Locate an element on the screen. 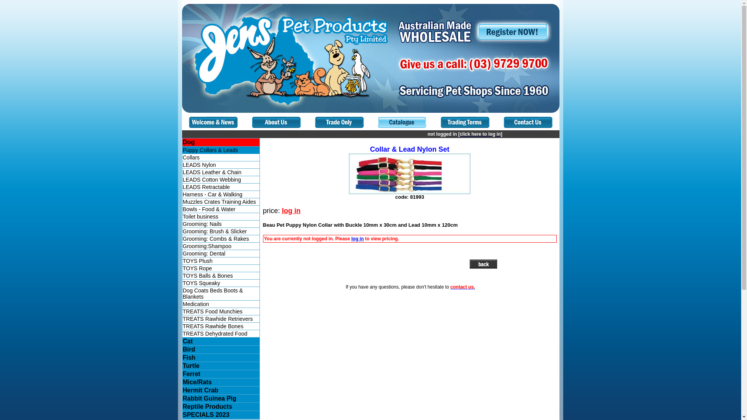 This screenshot has height=420, width=747. 'contact us.' is located at coordinates (463, 287).